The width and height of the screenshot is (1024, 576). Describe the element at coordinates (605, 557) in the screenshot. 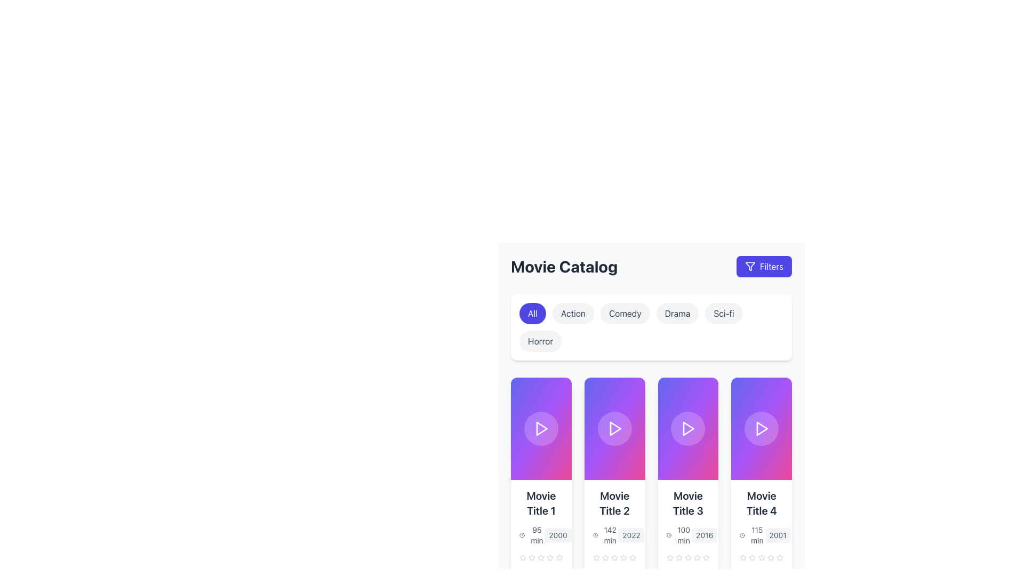

I see `the third star icon, which is light gray and part of the rating interface for 'Movie Title 2'` at that location.